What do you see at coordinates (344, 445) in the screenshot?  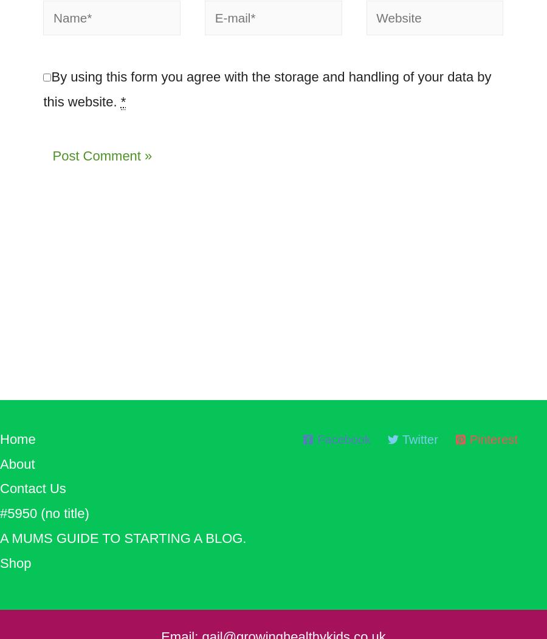 I see `'Facebook'` at bounding box center [344, 445].